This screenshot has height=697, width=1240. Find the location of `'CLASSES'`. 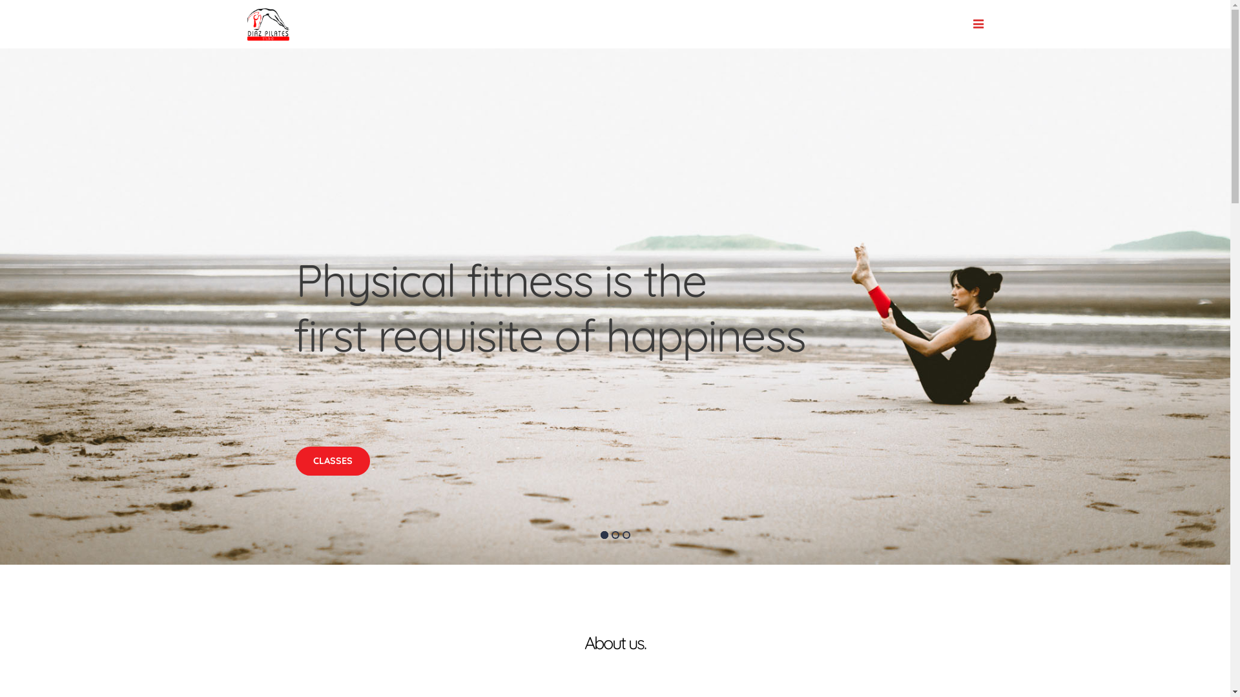

'CLASSES' is located at coordinates (333, 460).